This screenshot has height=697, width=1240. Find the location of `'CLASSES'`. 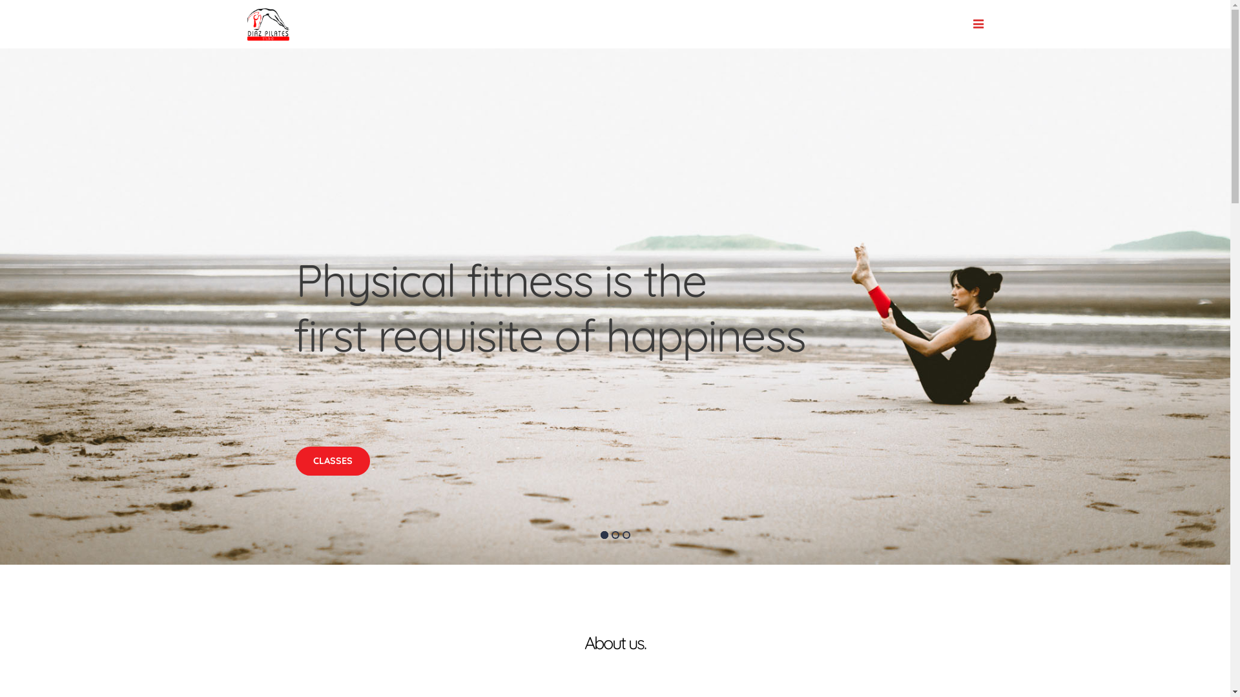

'CLASSES' is located at coordinates (333, 460).